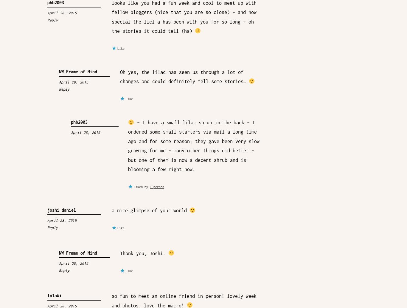 This screenshot has width=407, height=308. What do you see at coordinates (128, 146) in the screenshot?
I see `'– I have a small lilac shrub in the back – I ordered some small starters via mail a long time ago and for some reason, they gave been very slow growing for me – many other things did better – but one of them is now a decent shrub and is blooming a few right now.'` at bounding box center [128, 146].